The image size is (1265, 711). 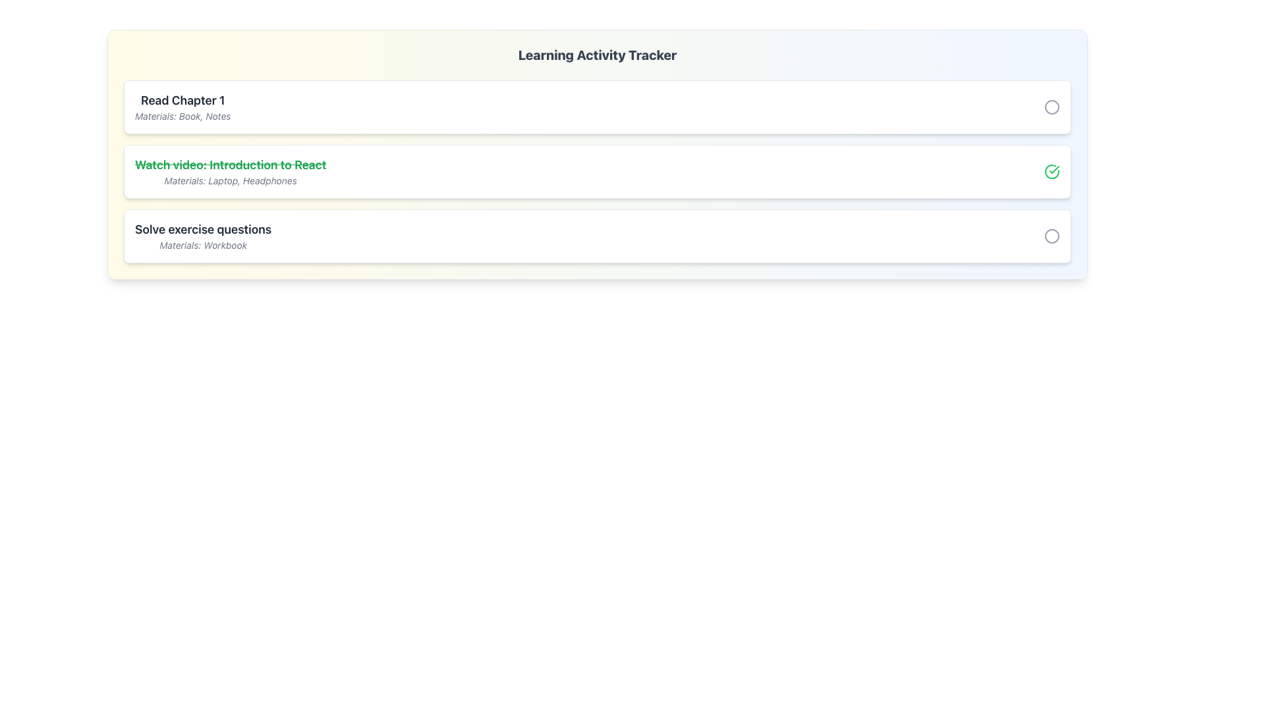 What do you see at coordinates (1052, 171) in the screenshot?
I see `the styled checkbox located at the far right of the row titled 'Watch video: Introduction to React'` at bounding box center [1052, 171].